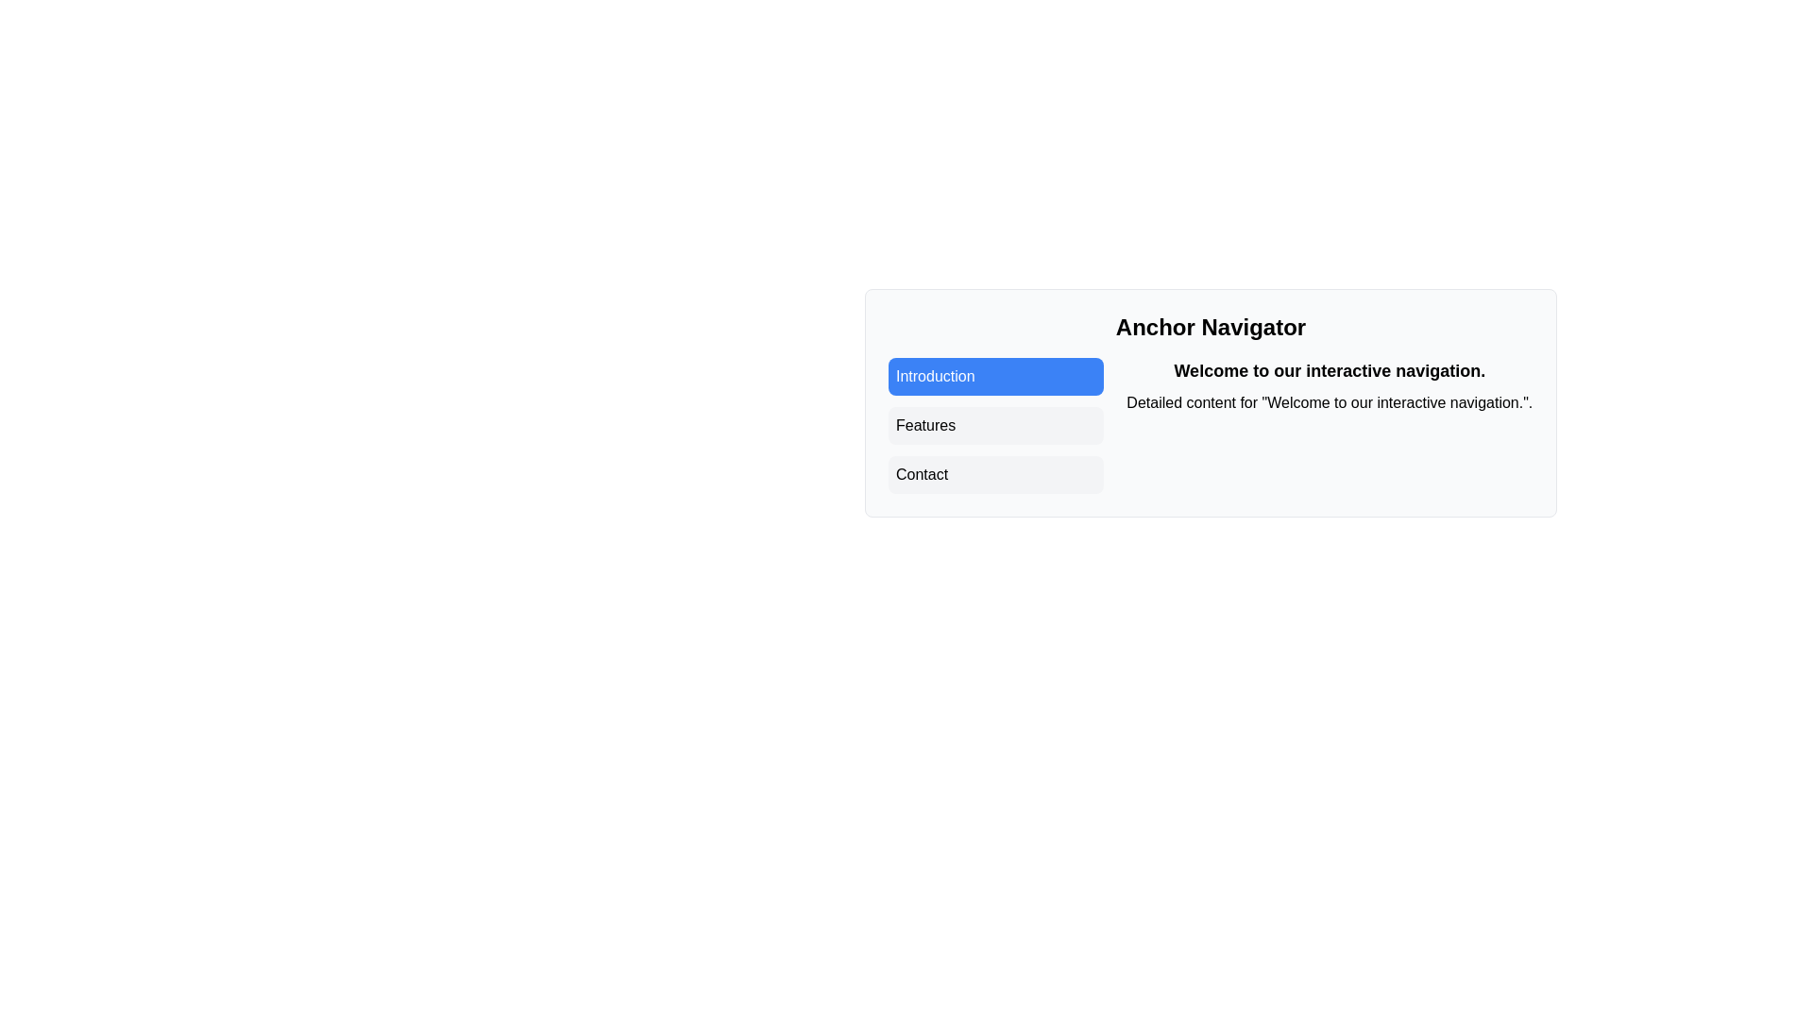 The width and height of the screenshot is (1813, 1020). What do you see at coordinates (1329, 426) in the screenshot?
I see `the Content Block located in the middle right area of the interface, adjacent to the vertical list of navigation items` at bounding box center [1329, 426].